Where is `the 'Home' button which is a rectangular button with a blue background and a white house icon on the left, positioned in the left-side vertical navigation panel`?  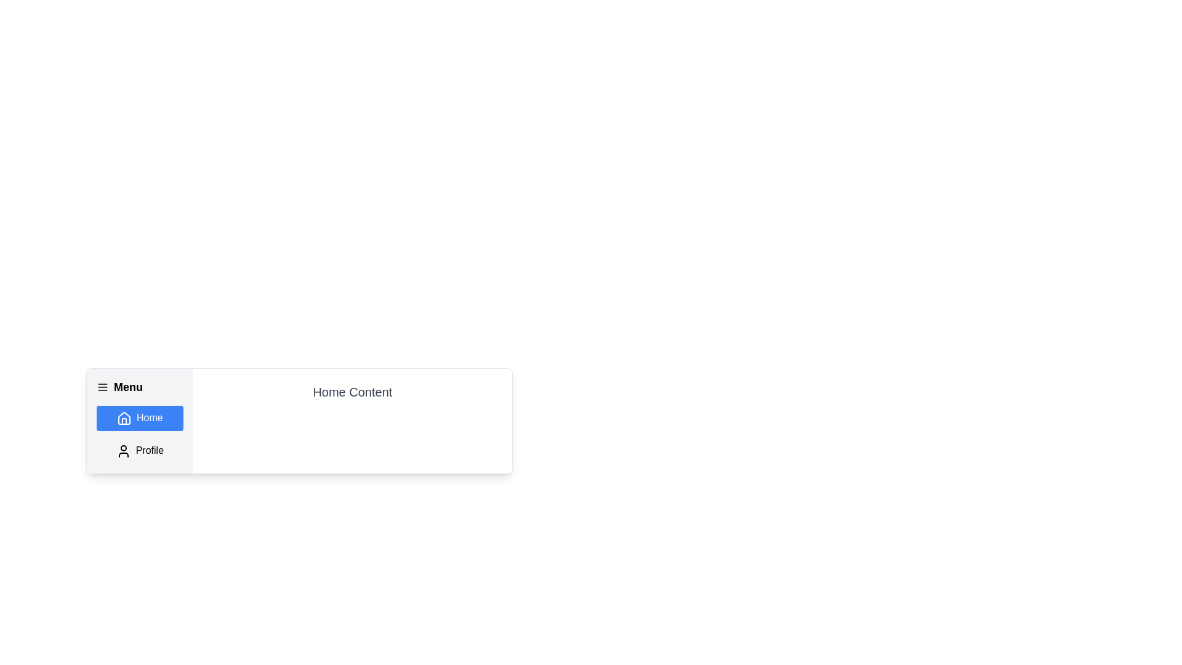
the 'Home' button which is a rectangular button with a blue background and a white house icon on the left, positioned in the left-side vertical navigation panel is located at coordinates (140, 417).